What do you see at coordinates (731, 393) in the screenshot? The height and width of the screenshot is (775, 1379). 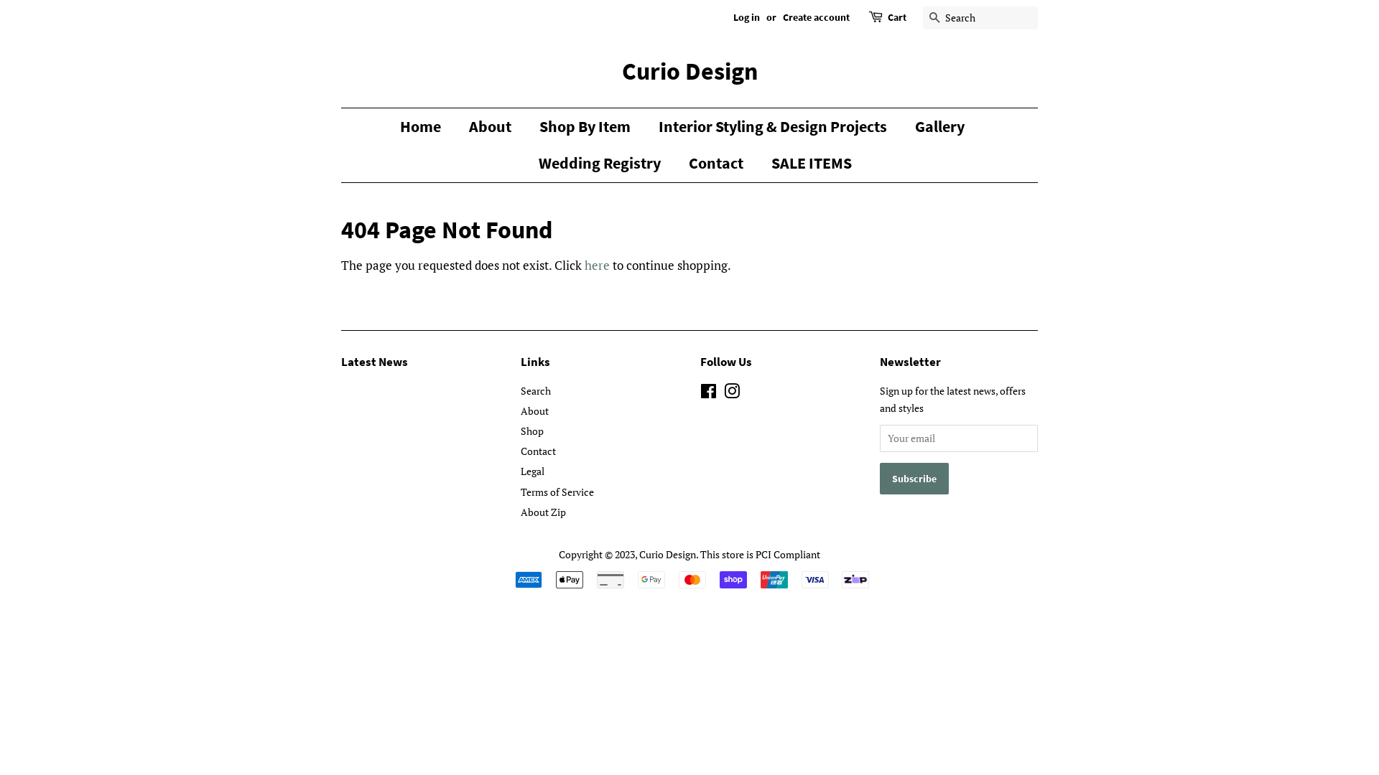 I see `'Instagram'` at bounding box center [731, 393].